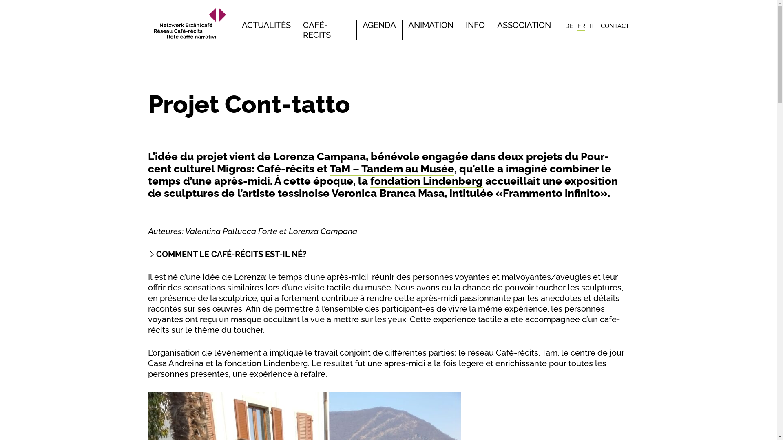 The image size is (783, 440). Describe the element at coordinates (475, 24) in the screenshot. I see `'INFO'` at that location.